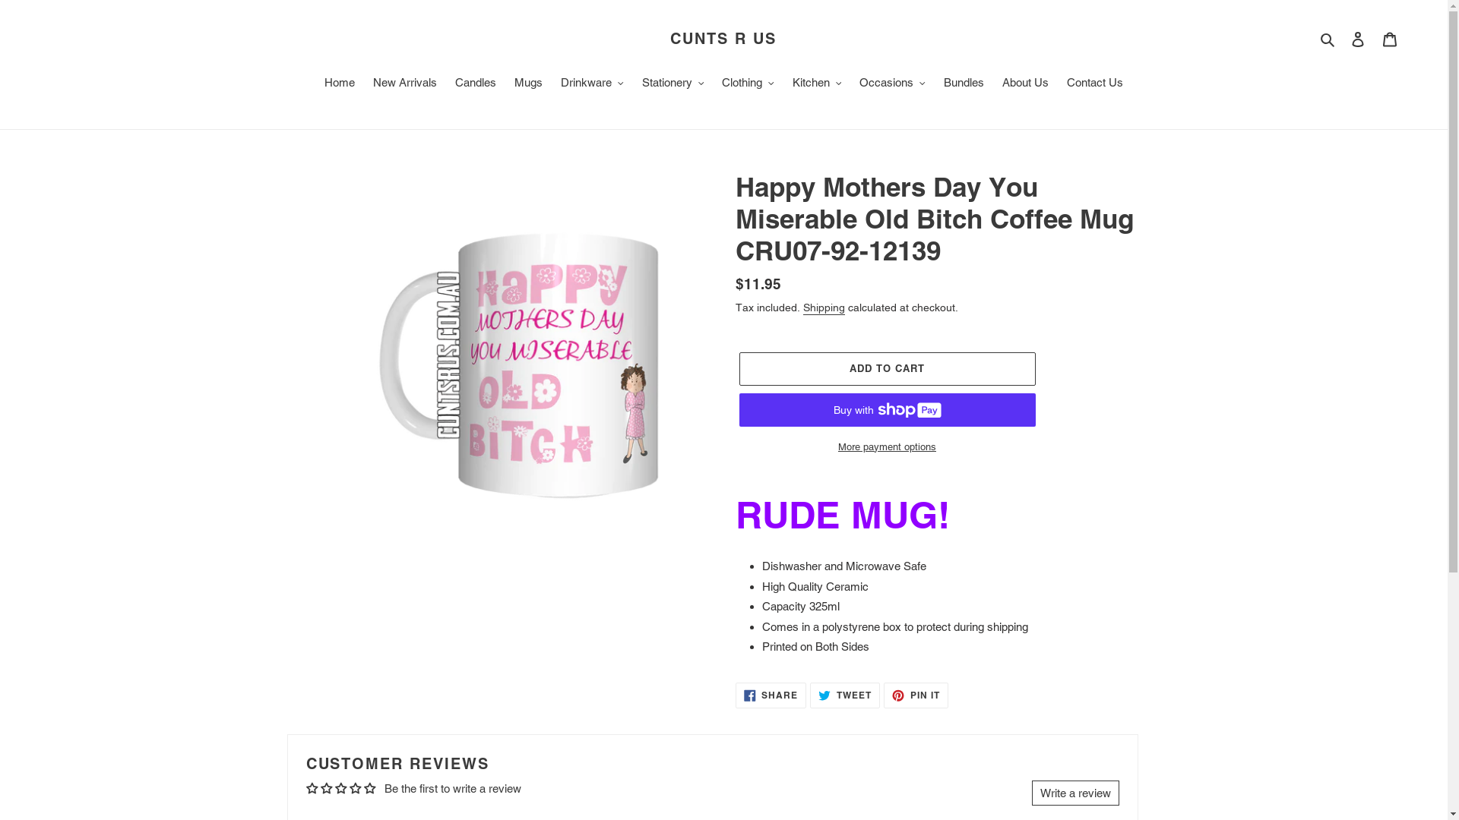 This screenshot has height=820, width=1459. Describe the element at coordinates (1025, 84) in the screenshot. I see `'About Us'` at that location.